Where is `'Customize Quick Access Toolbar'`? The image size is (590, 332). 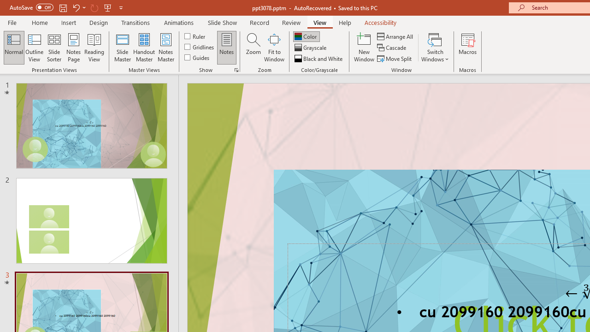 'Customize Quick Access Toolbar' is located at coordinates (121, 7).